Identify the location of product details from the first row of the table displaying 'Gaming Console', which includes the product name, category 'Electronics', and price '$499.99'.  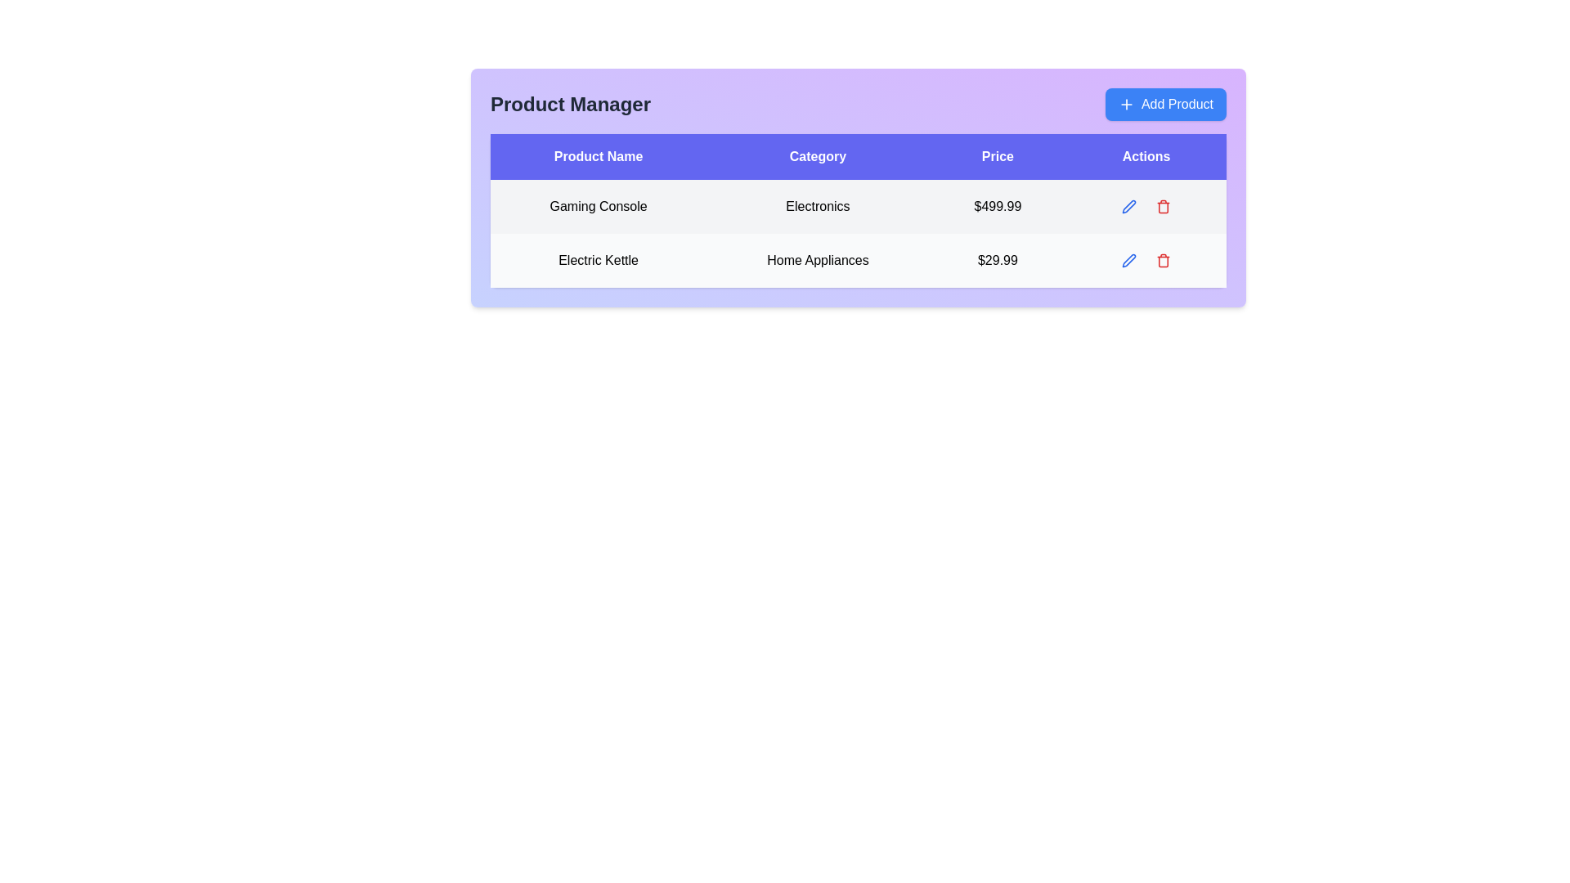
(858, 206).